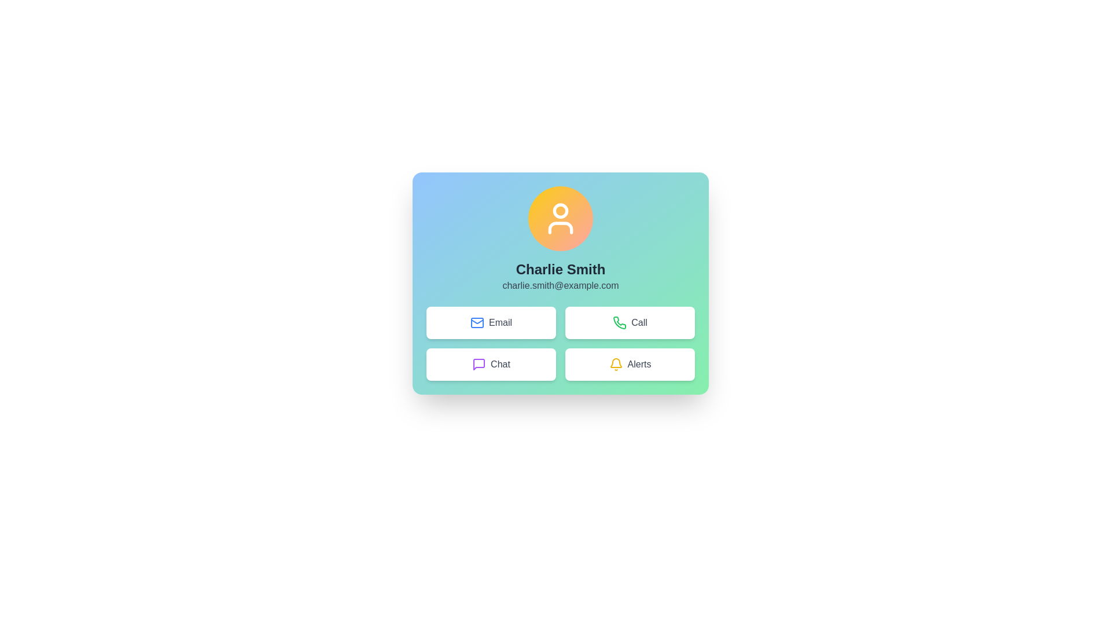 The height and width of the screenshot is (625, 1111). Describe the element at coordinates (477, 323) in the screenshot. I see `the envelope icon within the 'Email' button located in the top-left corner of the button grid` at that location.